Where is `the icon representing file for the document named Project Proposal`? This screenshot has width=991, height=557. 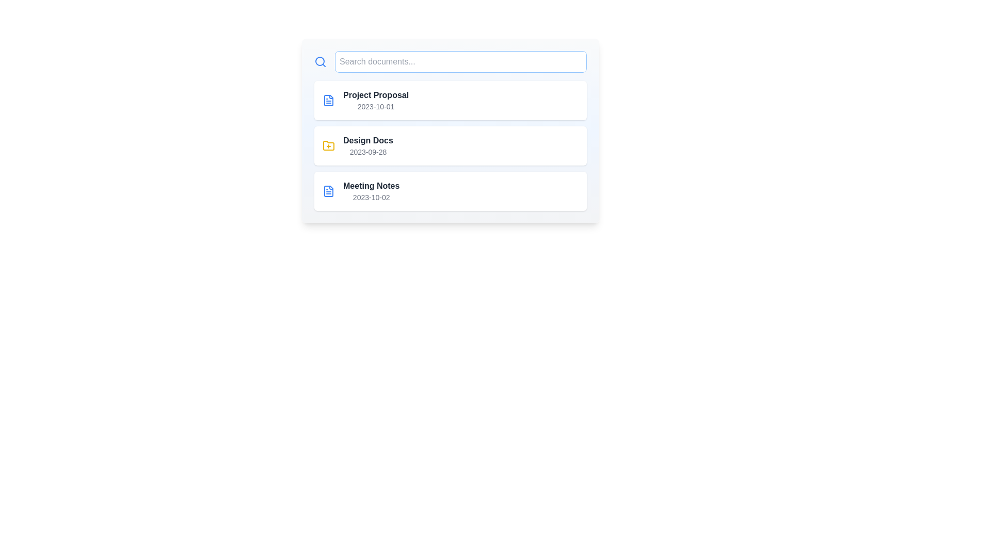
the icon representing file for the document named Project Proposal is located at coordinates (328, 101).